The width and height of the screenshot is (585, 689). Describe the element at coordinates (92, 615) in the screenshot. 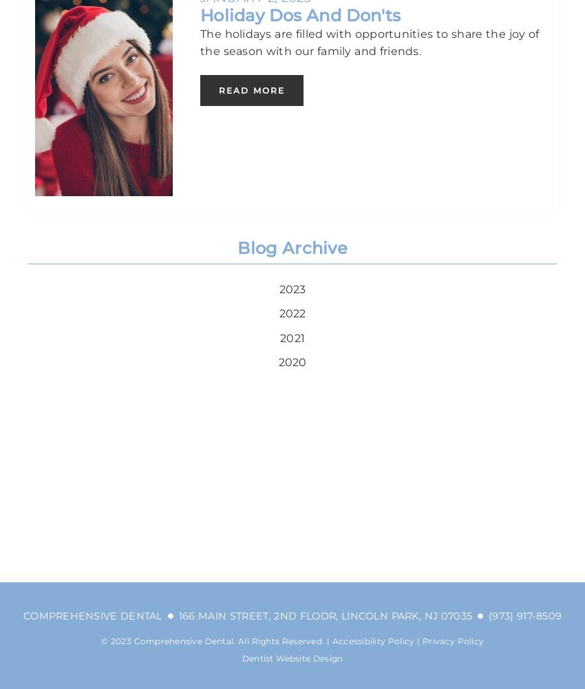

I see `'Comprehensive Dental'` at that location.